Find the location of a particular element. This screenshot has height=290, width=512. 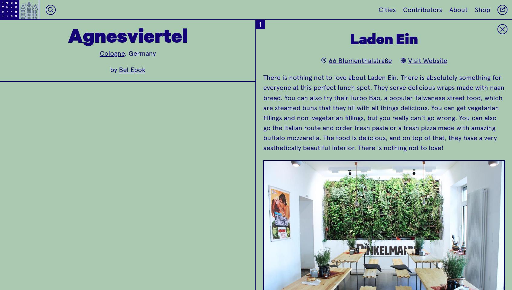

'Rokdoubledot' is located at coordinates (387, 124).